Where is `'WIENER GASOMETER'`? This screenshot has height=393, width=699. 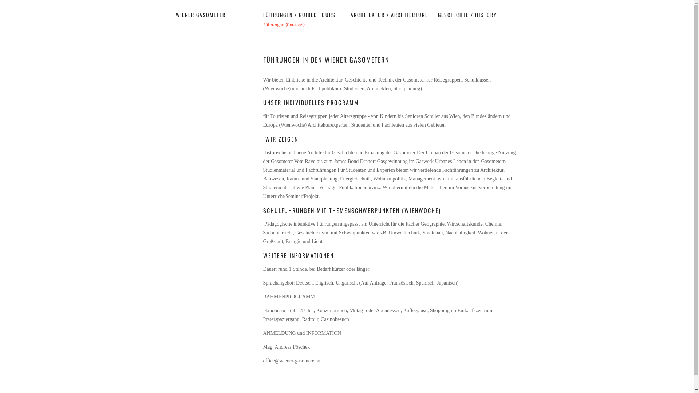 'WIENER GASOMETER' is located at coordinates (175, 15).